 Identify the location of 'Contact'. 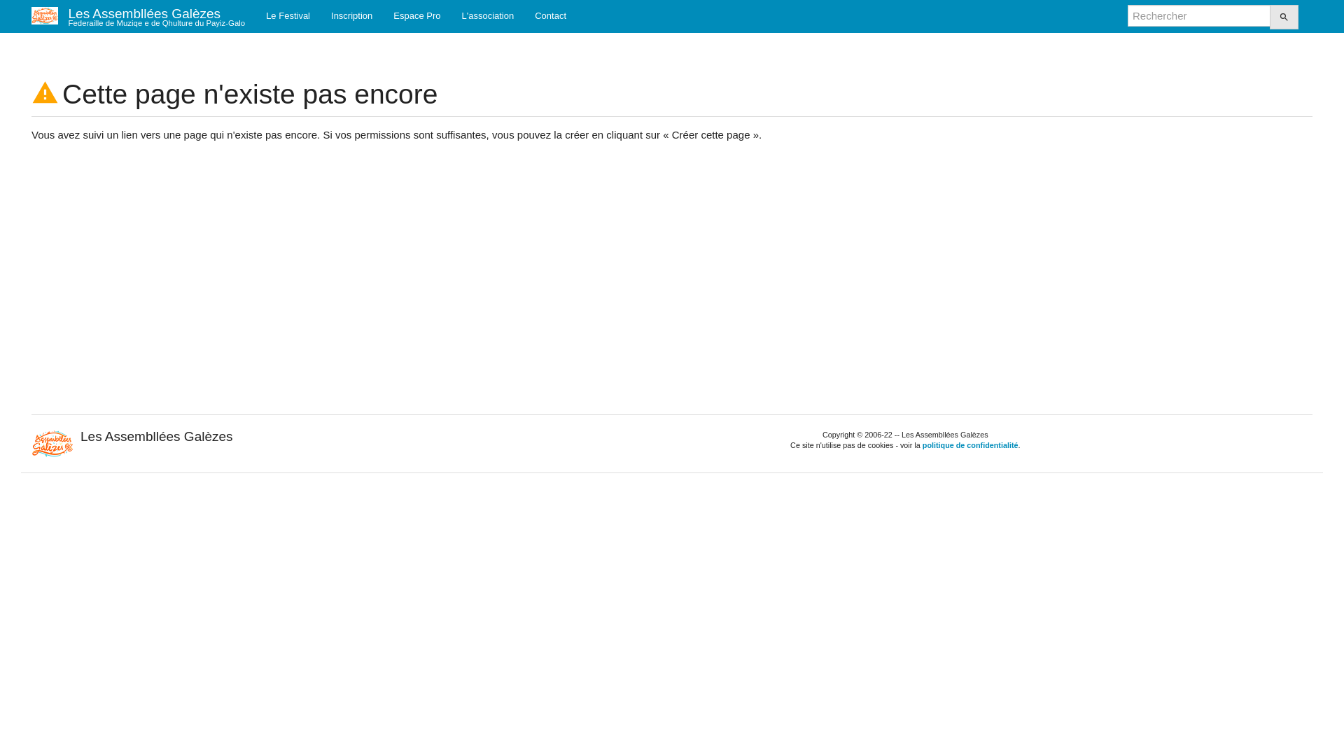
(523, 15).